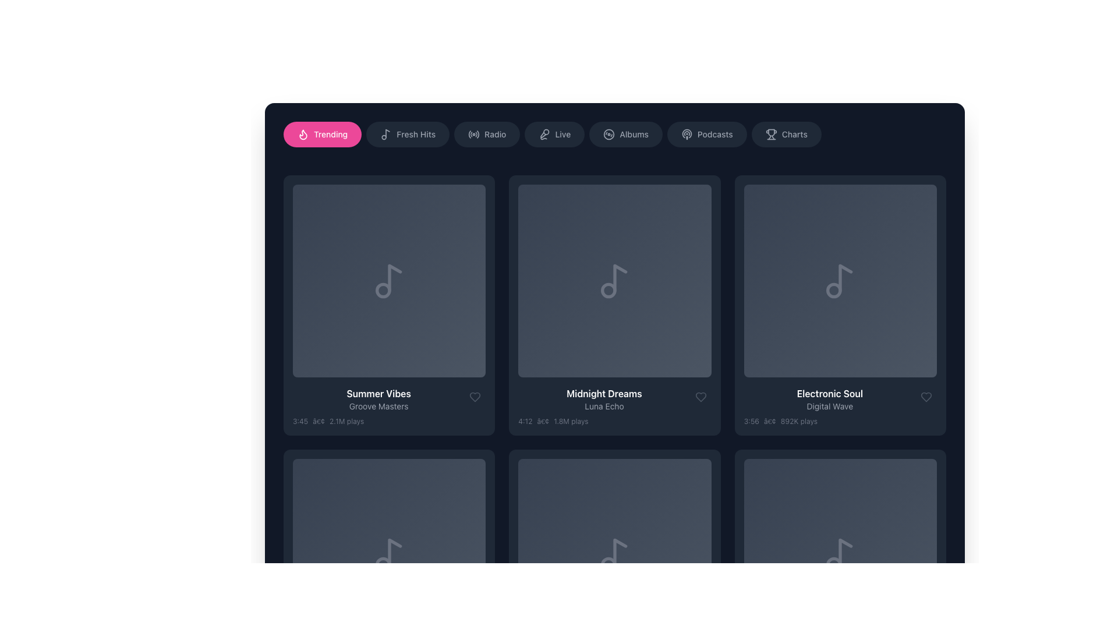  What do you see at coordinates (389, 305) in the screenshot?
I see `the circular play button located at the center of the 'Summer Vibes' grid item` at bounding box center [389, 305].